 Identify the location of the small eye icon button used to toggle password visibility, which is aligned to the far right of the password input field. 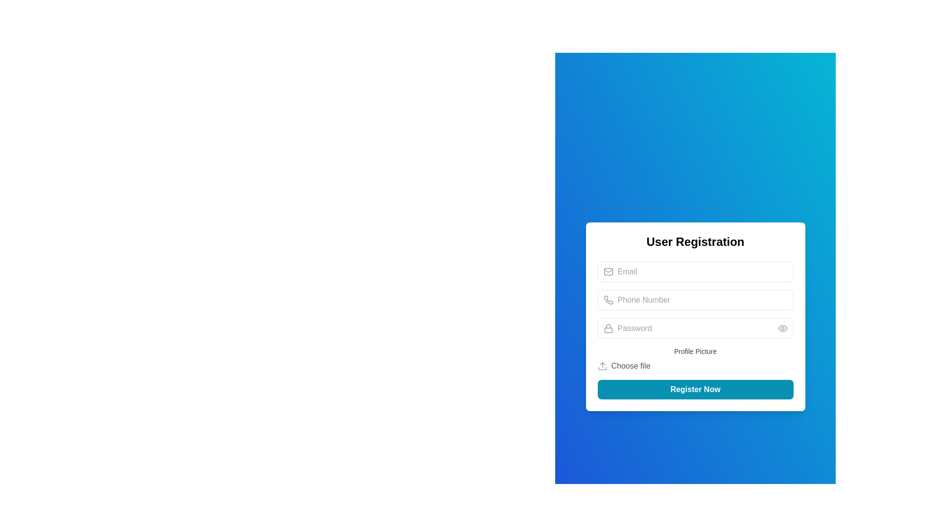
(782, 328).